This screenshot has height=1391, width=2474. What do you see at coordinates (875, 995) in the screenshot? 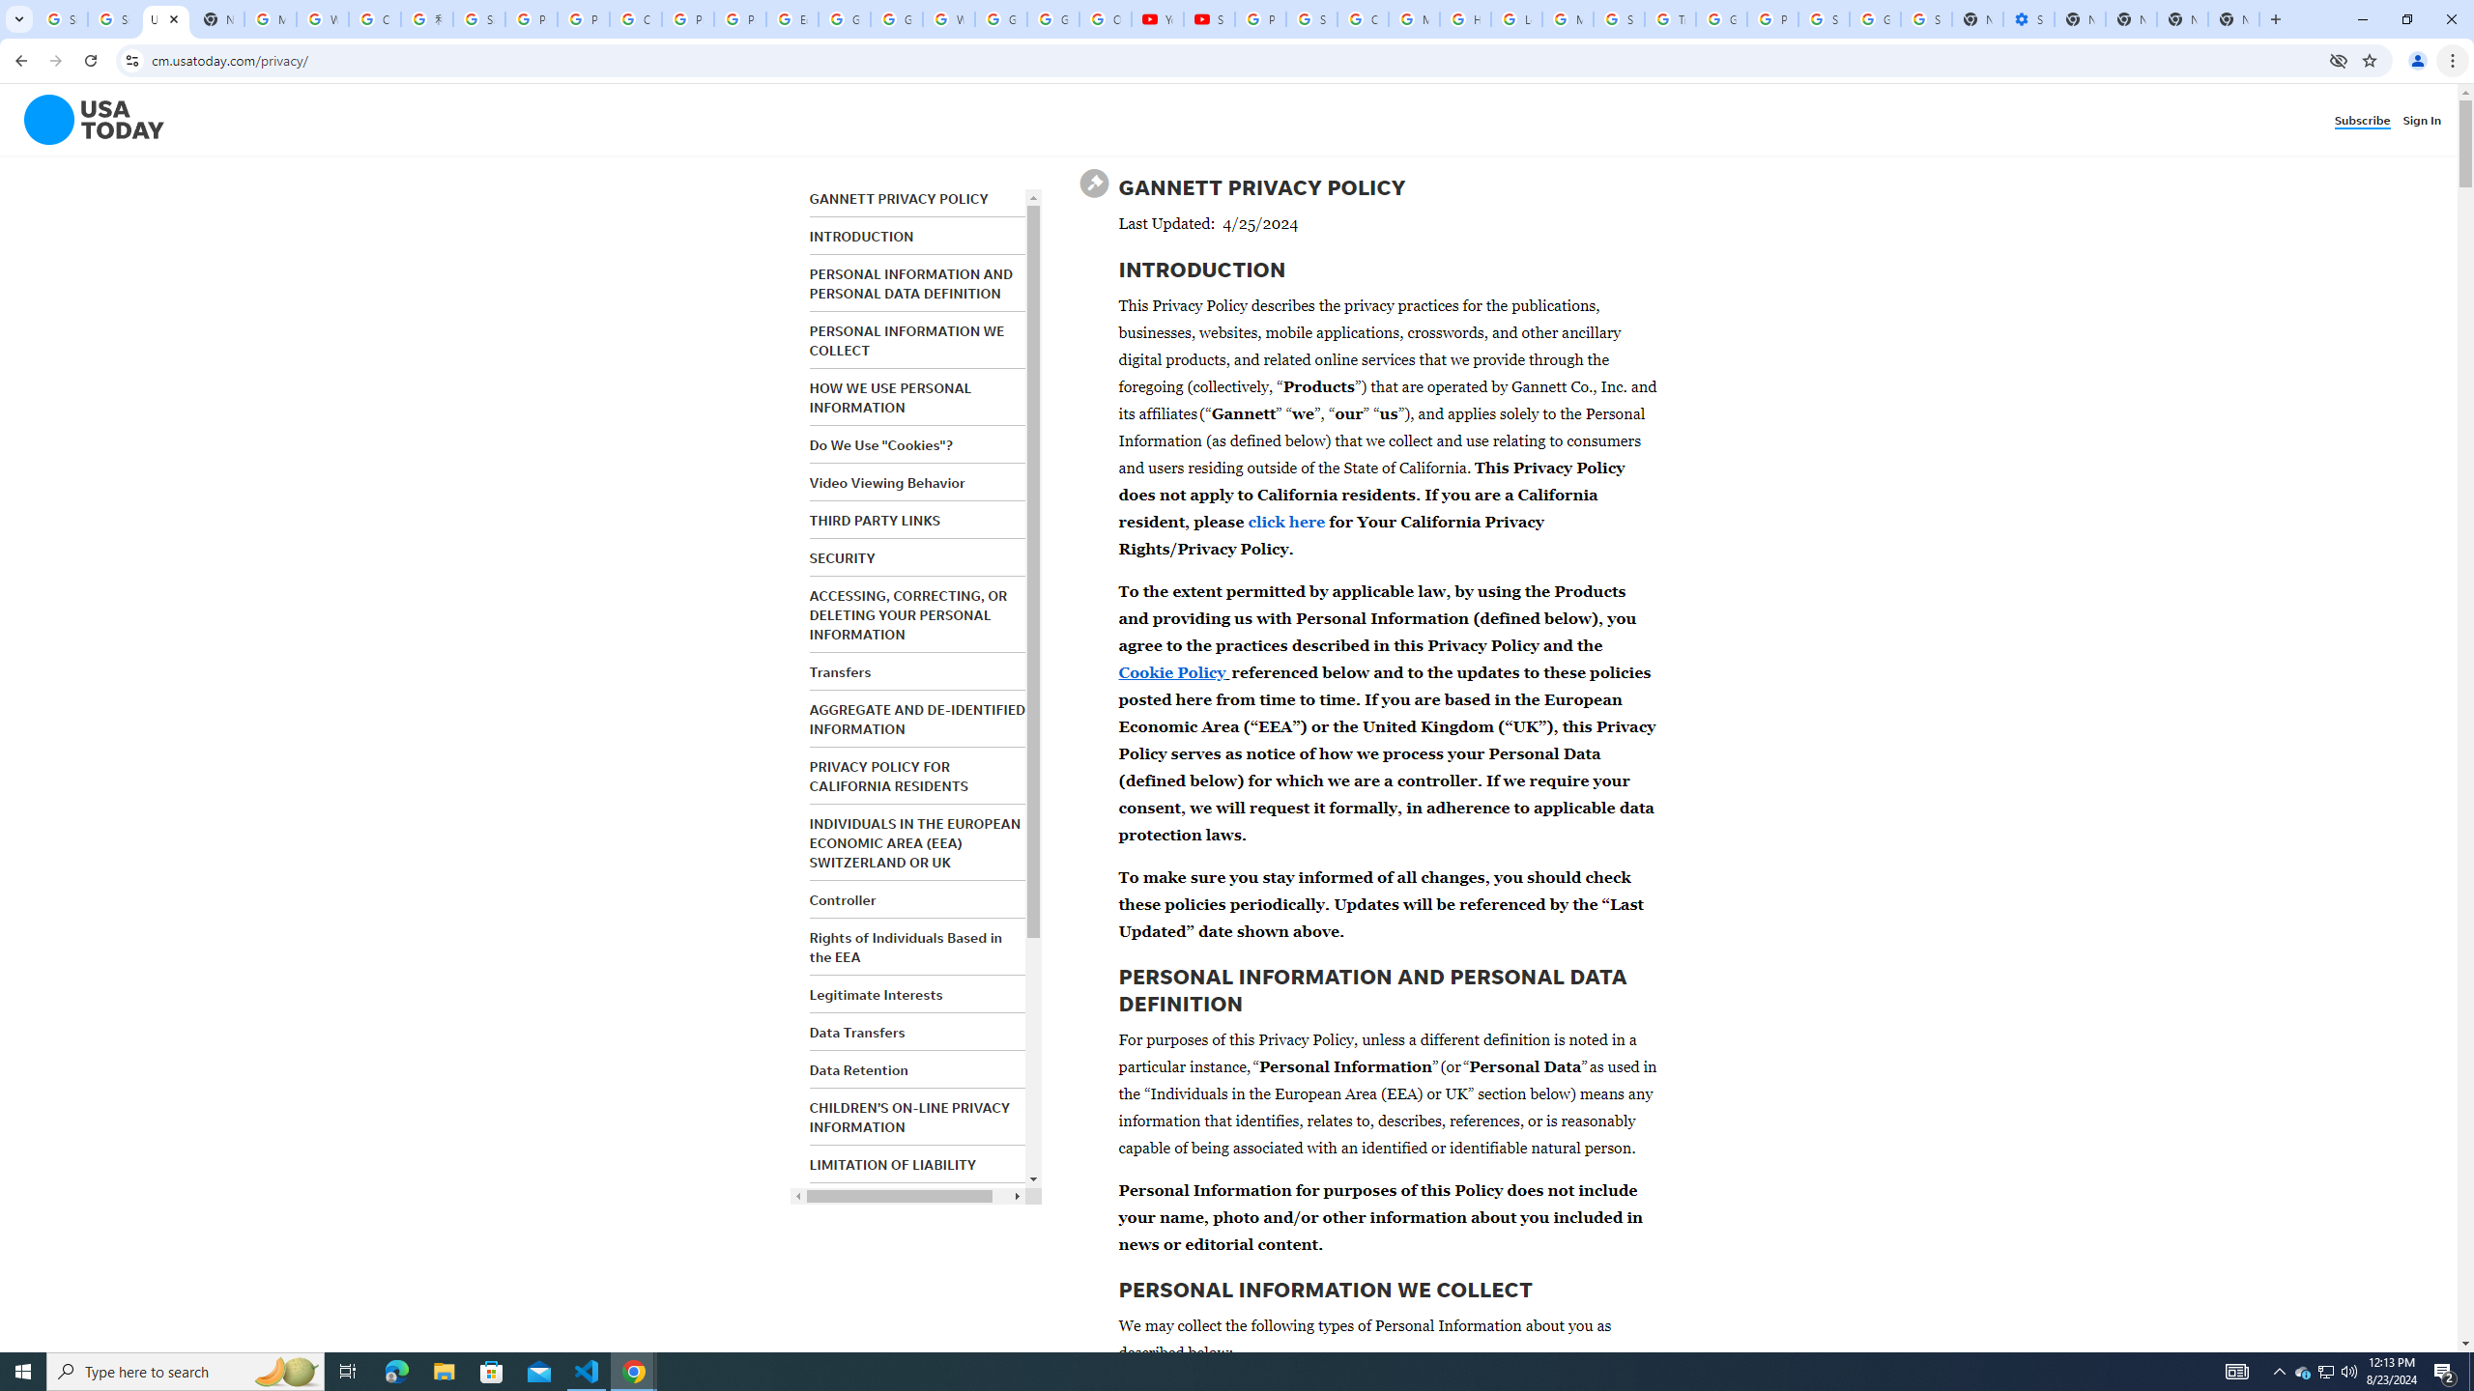
I see `'Legitimate Interests'` at bounding box center [875, 995].